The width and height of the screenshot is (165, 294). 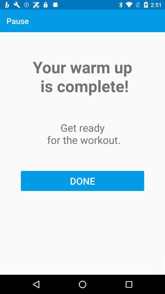 I want to click on icon below get ready for item, so click(x=82, y=181).